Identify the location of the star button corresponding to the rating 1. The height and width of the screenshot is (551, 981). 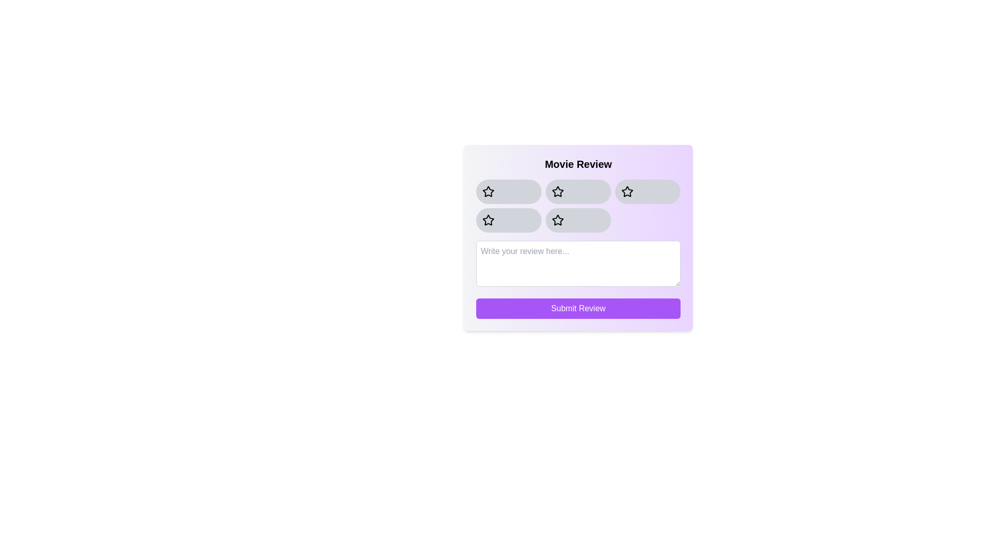
(509, 191).